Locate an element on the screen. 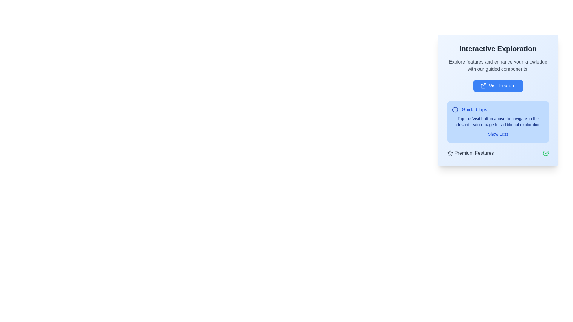  the button located within the 'Interactive Exploration' section is located at coordinates (498, 86).